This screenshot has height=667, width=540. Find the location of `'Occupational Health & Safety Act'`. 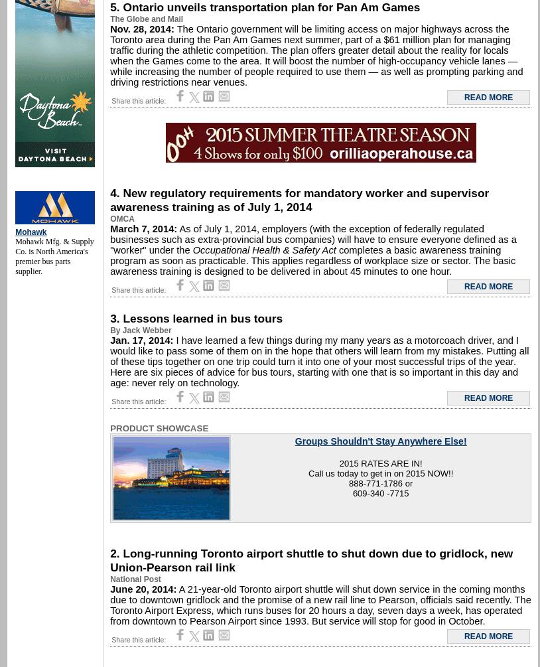

'Occupational Health & Safety Act' is located at coordinates (263, 250).